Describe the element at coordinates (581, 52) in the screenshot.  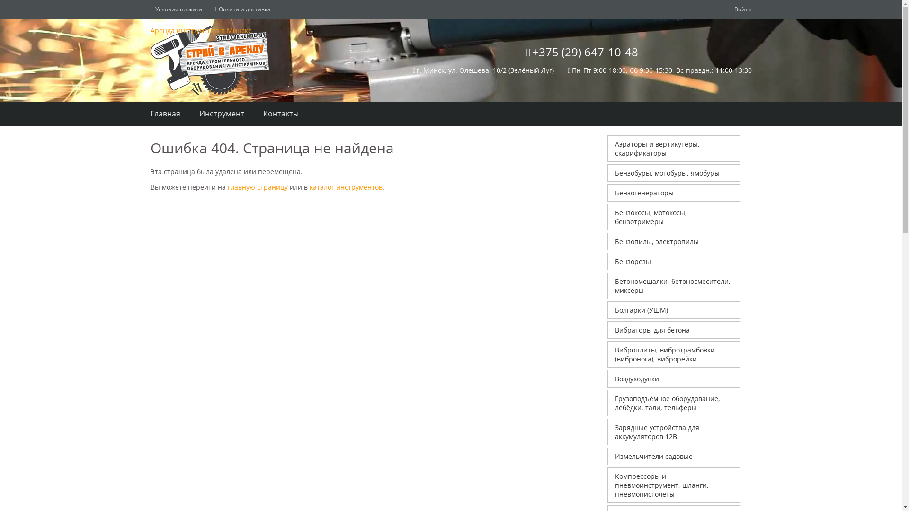
I see `'+375 (29) 647-10-48'` at that location.